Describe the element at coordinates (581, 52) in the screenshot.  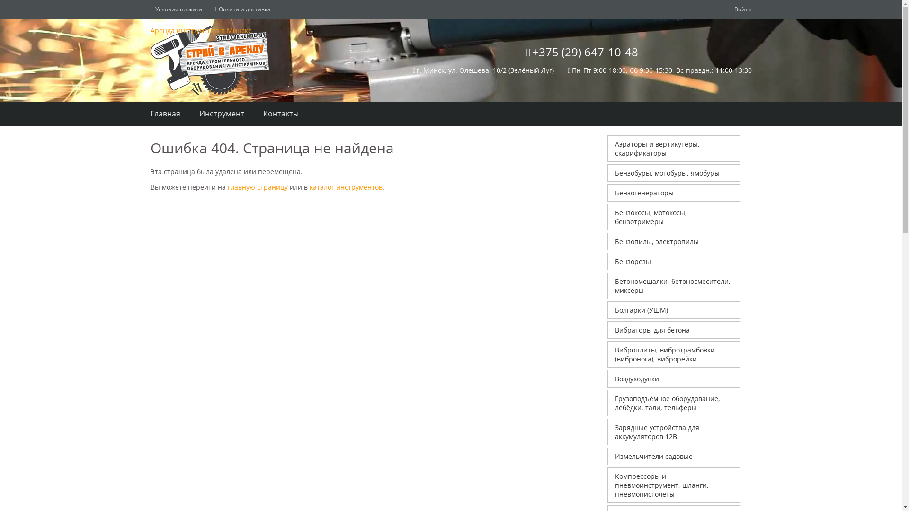
I see `'+375 (29) 647-10-48'` at that location.